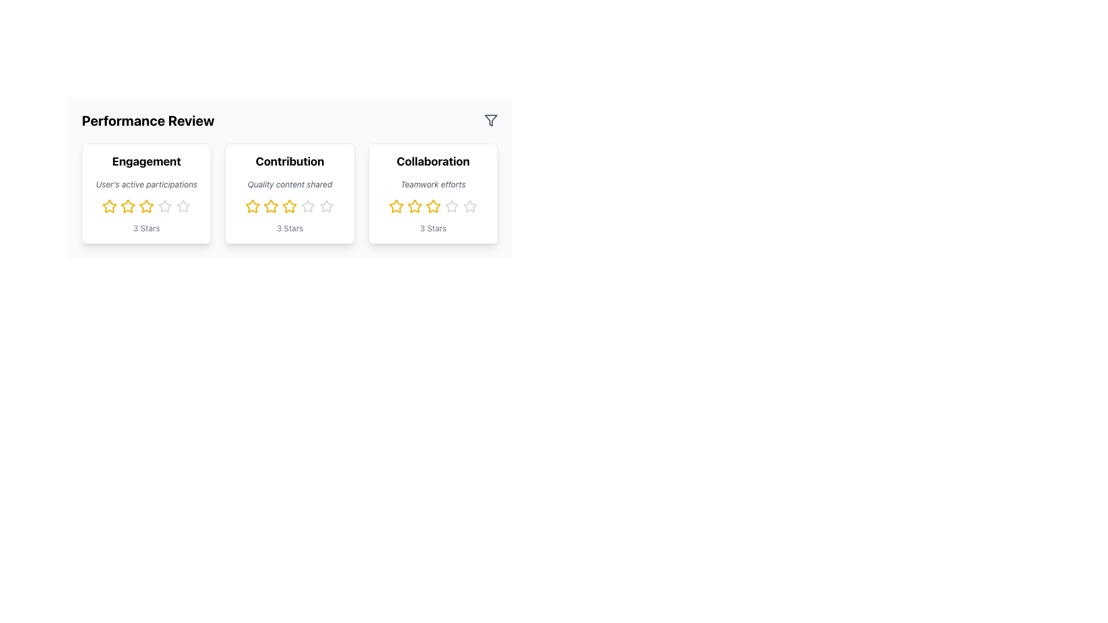 Image resolution: width=1108 pixels, height=623 pixels. Describe the element at coordinates (110, 205) in the screenshot. I see `the first star icon in the 5-star rating system under the 'Engagement' card in the Performance Review section` at that location.